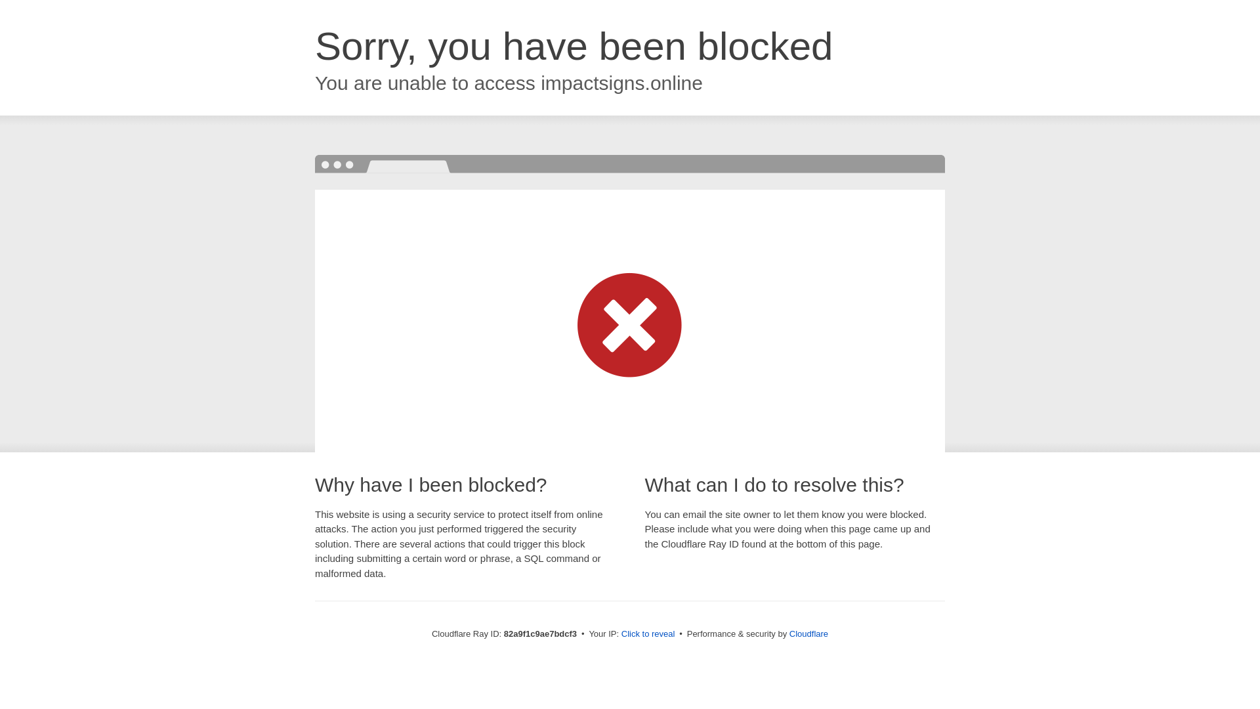 This screenshot has height=709, width=1260. I want to click on 'Click to reveal', so click(648, 633).